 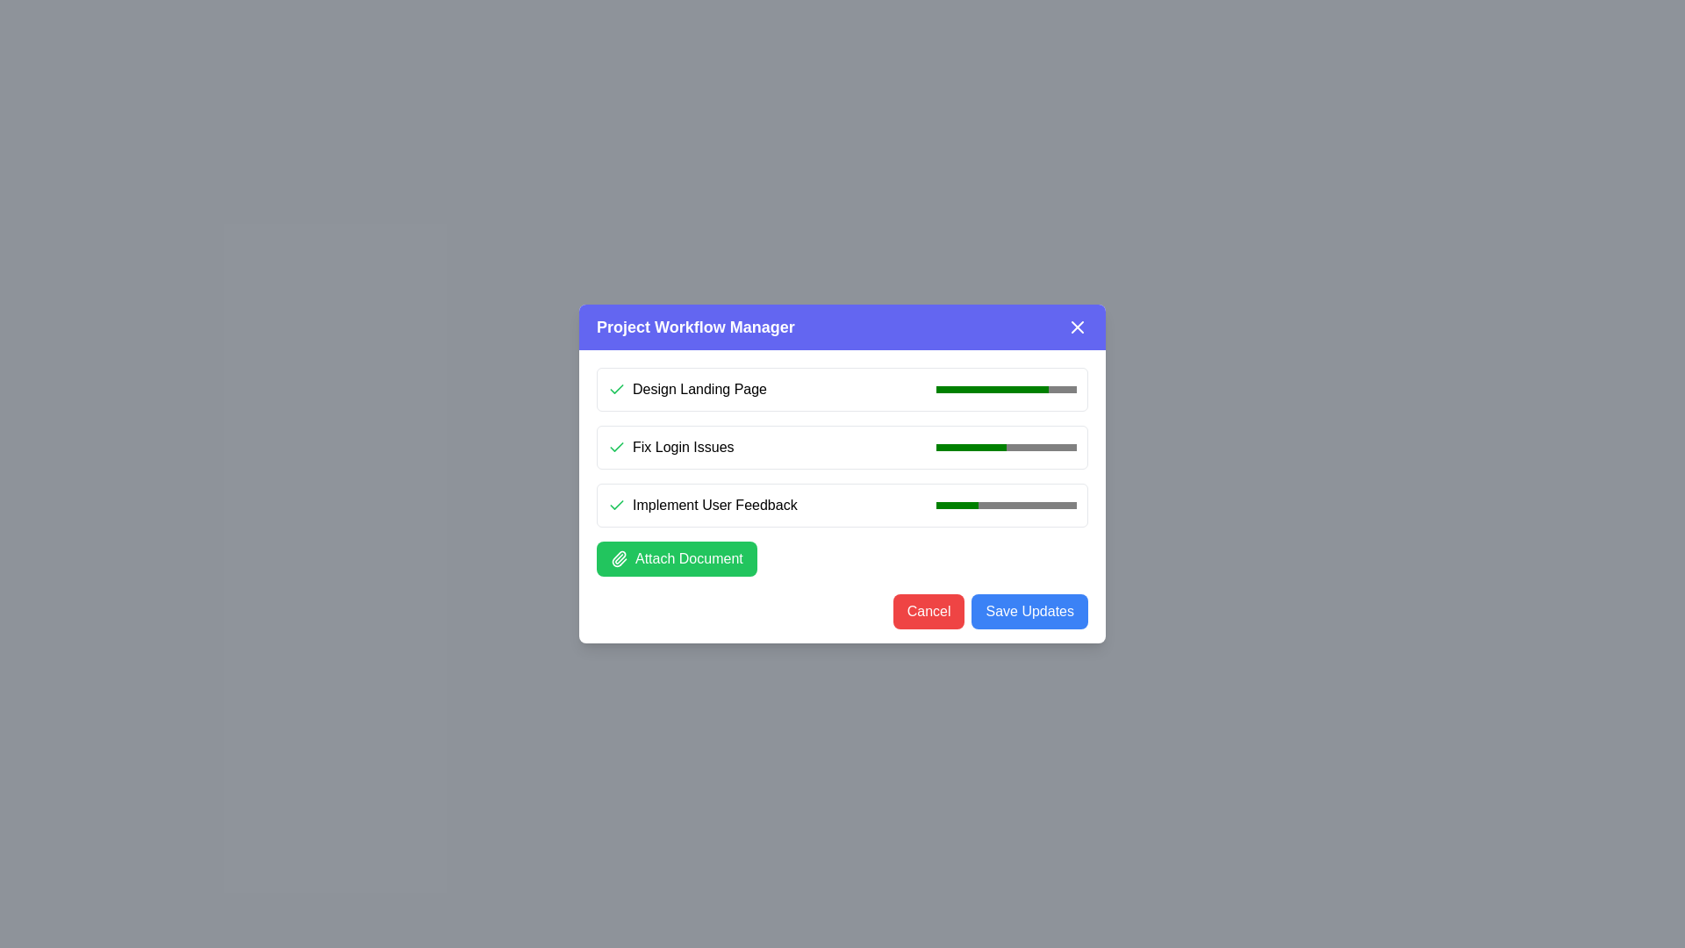 I want to click on the green checkmark icon that indicates completion, located to the left of the 'Fix Login Issues' label in the vertical list, so click(x=616, y=446).